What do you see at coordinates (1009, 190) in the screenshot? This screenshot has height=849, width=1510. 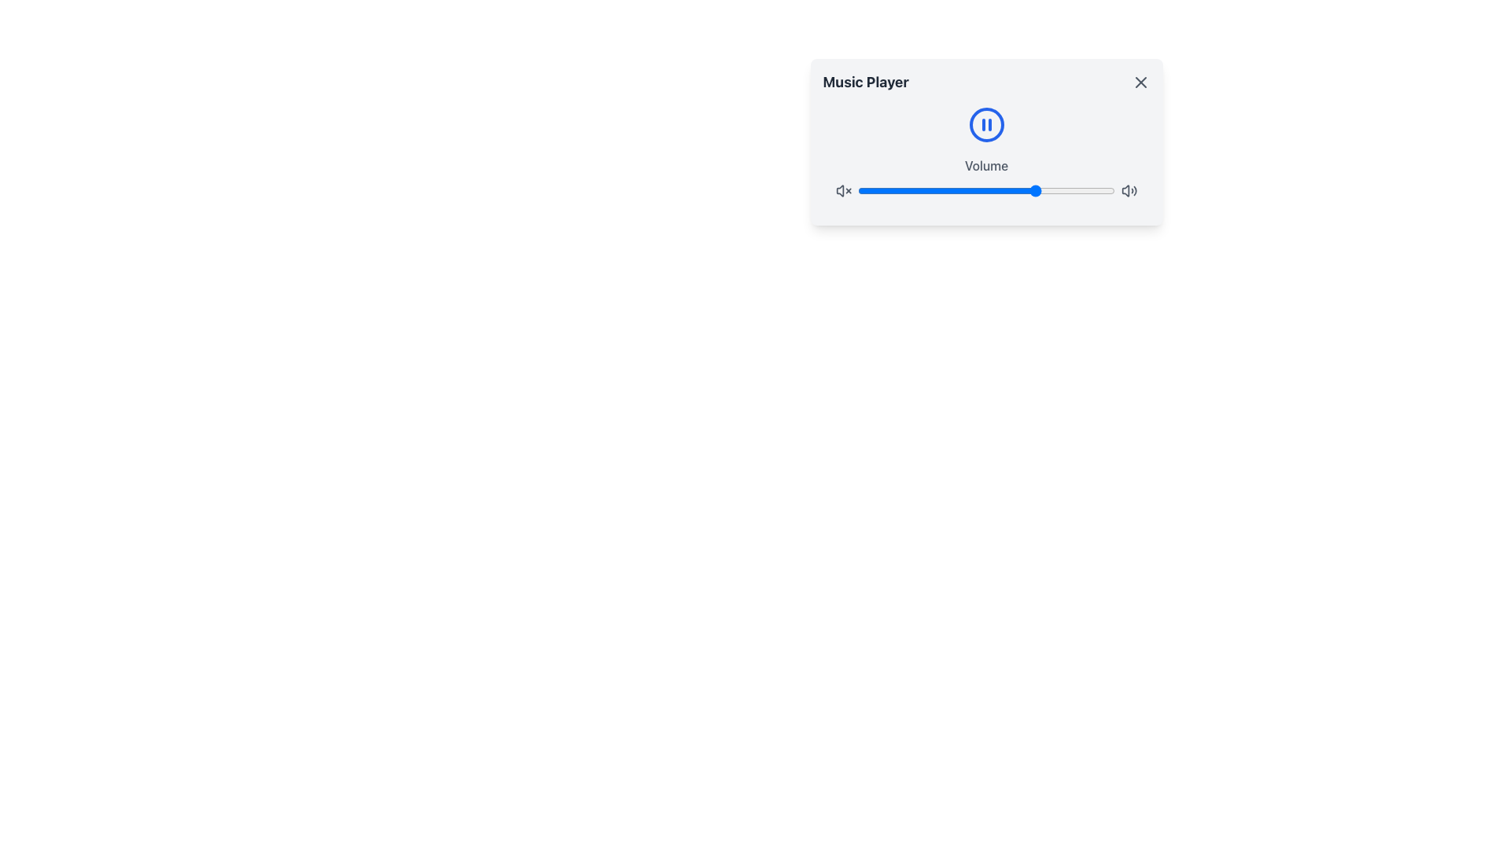 I see `the volume slider` at bounding box center [1009, 190].